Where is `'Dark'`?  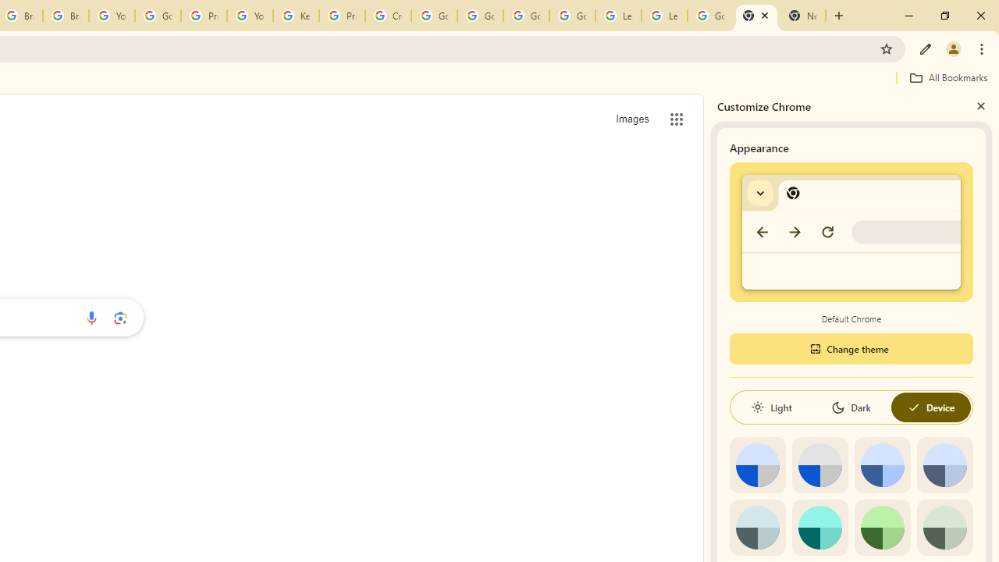 'Dark' is located at coordinates (850, 407).